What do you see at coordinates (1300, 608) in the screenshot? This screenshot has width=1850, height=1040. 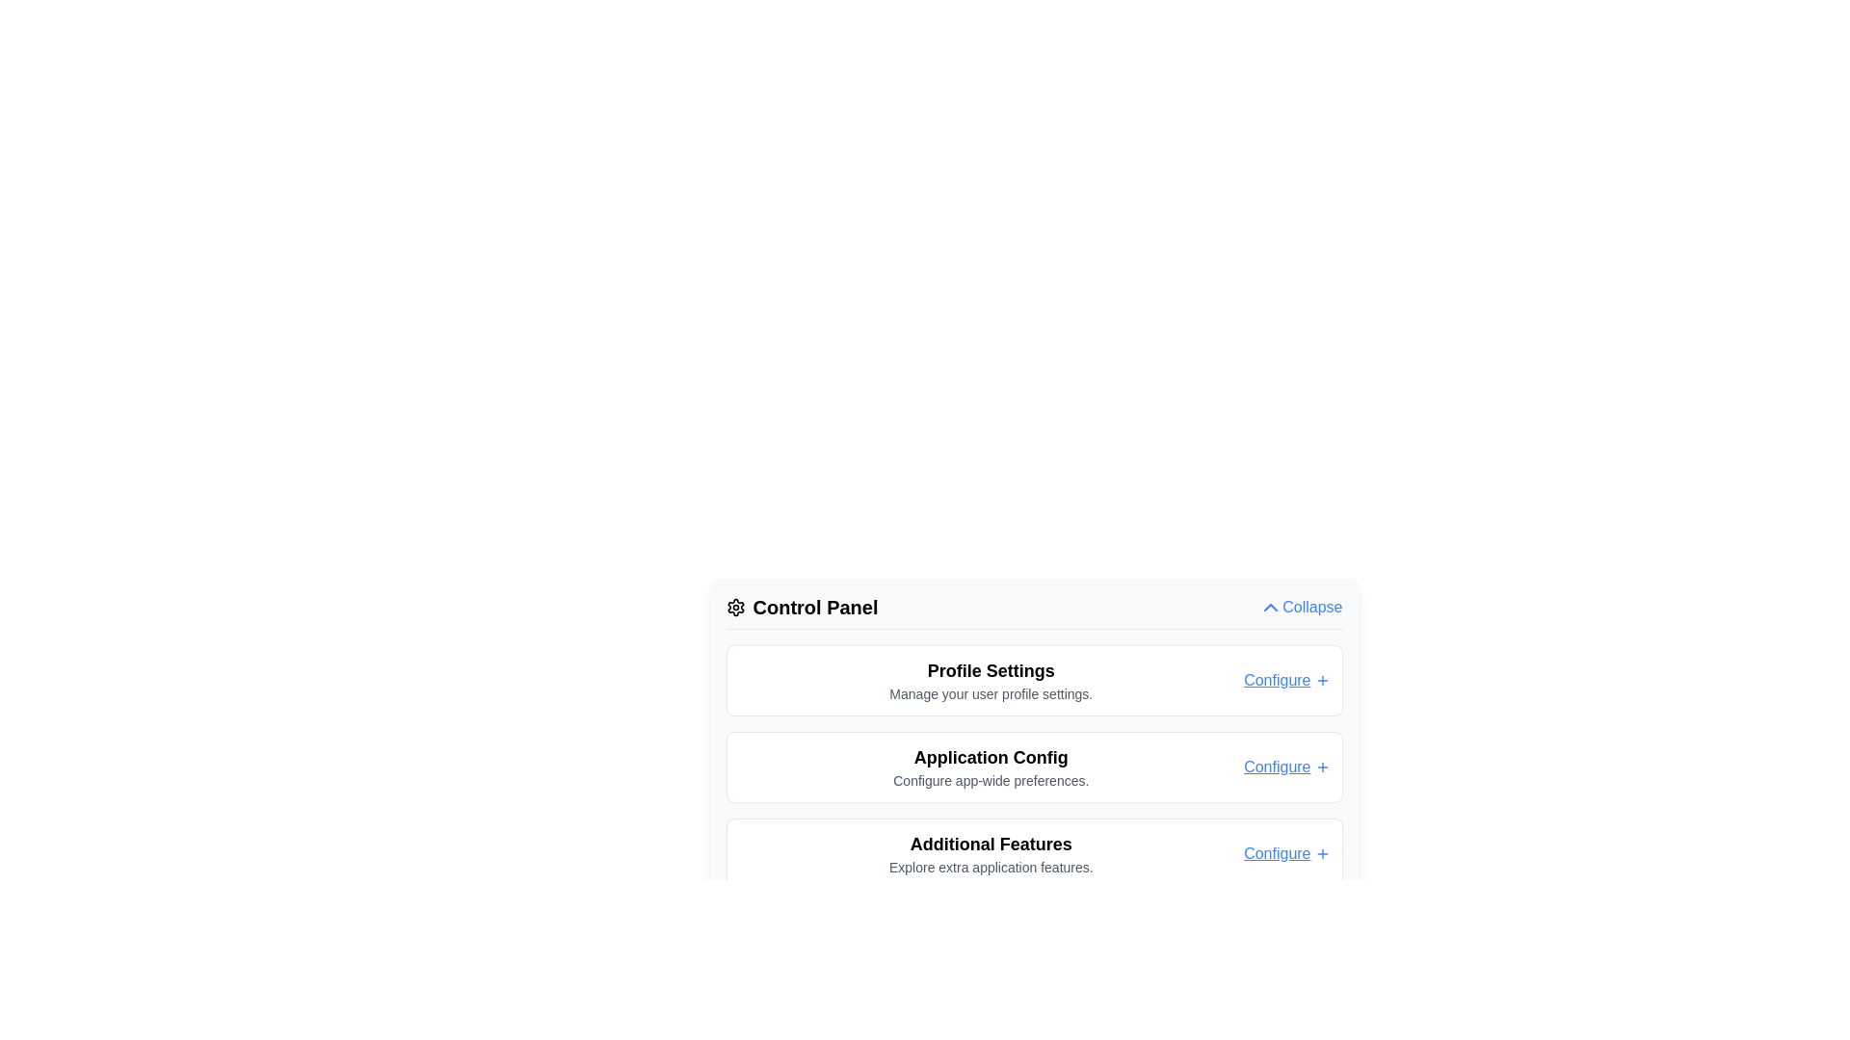 I see `the toggle button at the rightmost end of the 'Control Panel' section header` at bounding box center [1300, 608].